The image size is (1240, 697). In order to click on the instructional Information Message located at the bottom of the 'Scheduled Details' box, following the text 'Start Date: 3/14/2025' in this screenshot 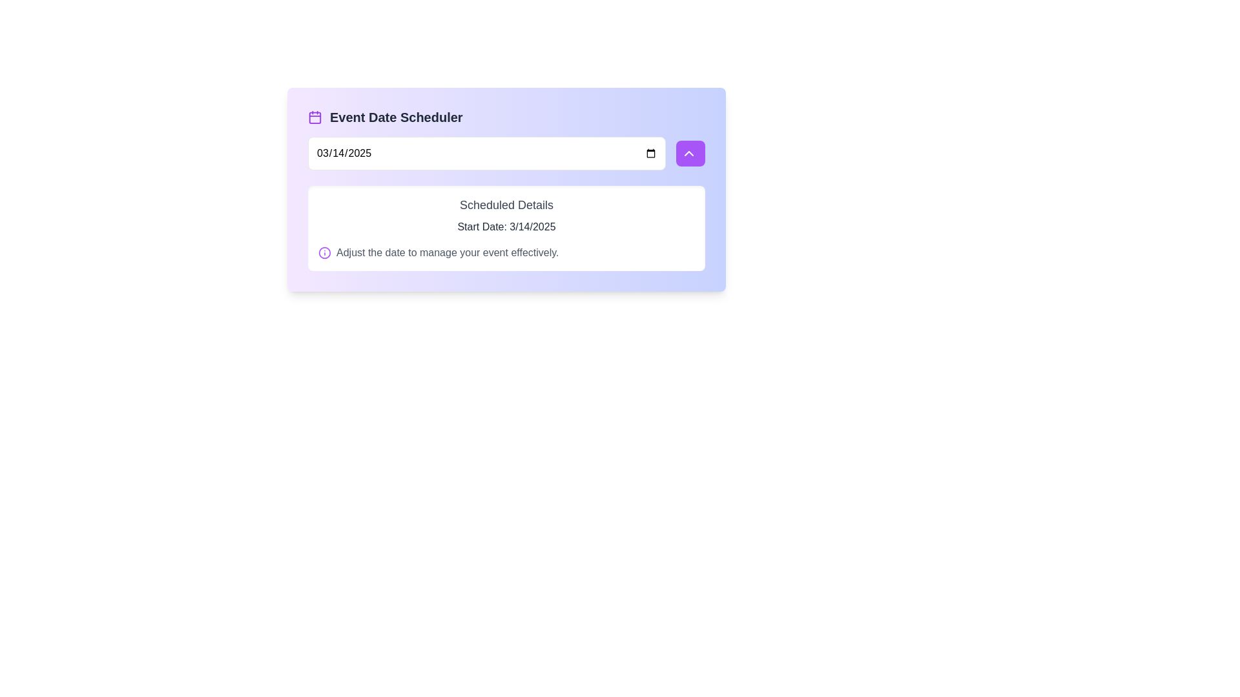, I will do `click(506, 253)`.